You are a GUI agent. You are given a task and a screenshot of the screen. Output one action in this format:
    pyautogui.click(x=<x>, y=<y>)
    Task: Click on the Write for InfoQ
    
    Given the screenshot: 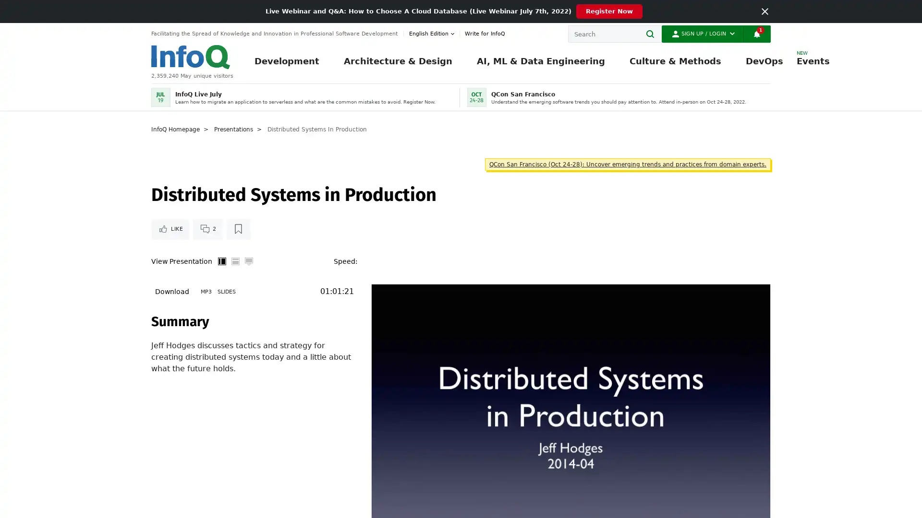 What is the action you would take?
    pyautogui.click(x=482, y=33)
    